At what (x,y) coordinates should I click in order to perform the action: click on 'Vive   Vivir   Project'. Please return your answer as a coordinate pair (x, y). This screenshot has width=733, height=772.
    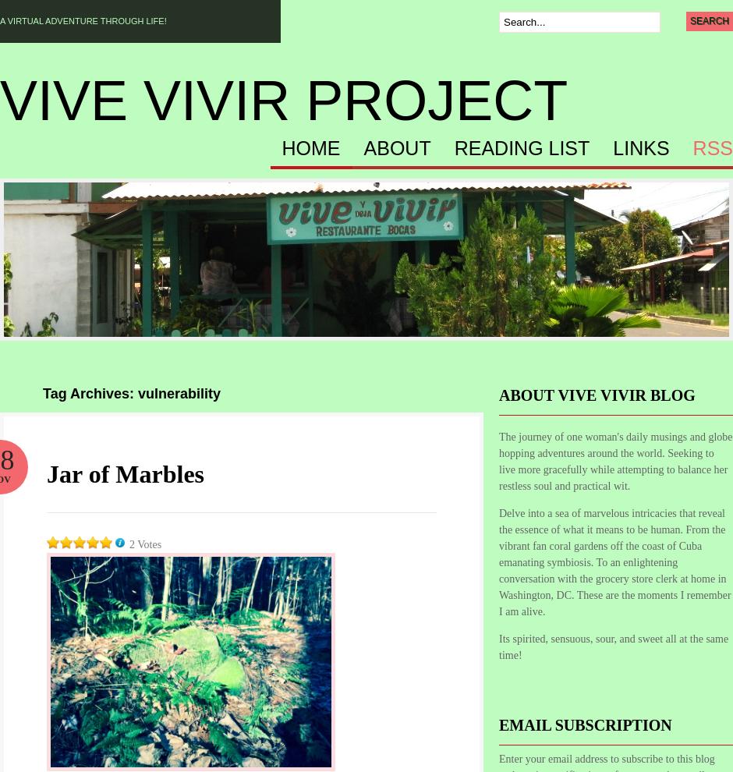
    Looking at the image, I should click on (282, 99).